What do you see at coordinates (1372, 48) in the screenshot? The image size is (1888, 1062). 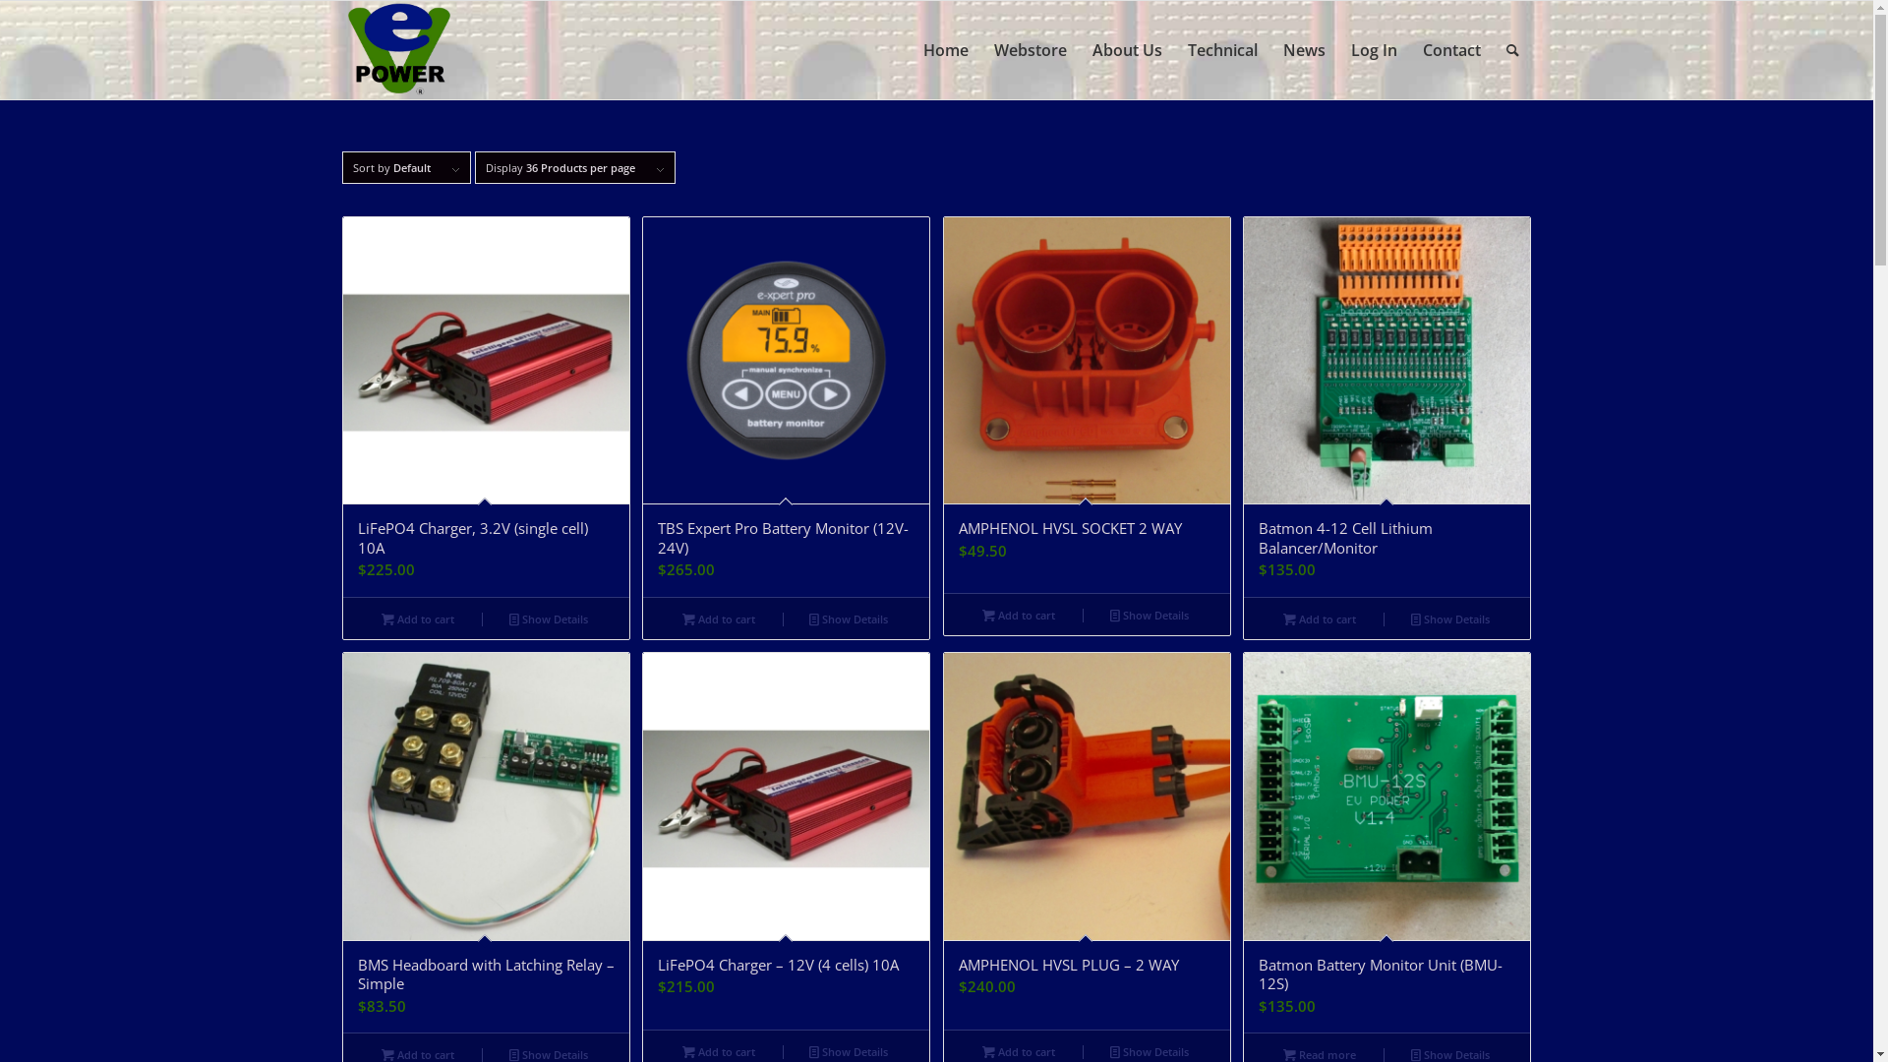 I see `'Log In'` at bounding box center [1372, 48].